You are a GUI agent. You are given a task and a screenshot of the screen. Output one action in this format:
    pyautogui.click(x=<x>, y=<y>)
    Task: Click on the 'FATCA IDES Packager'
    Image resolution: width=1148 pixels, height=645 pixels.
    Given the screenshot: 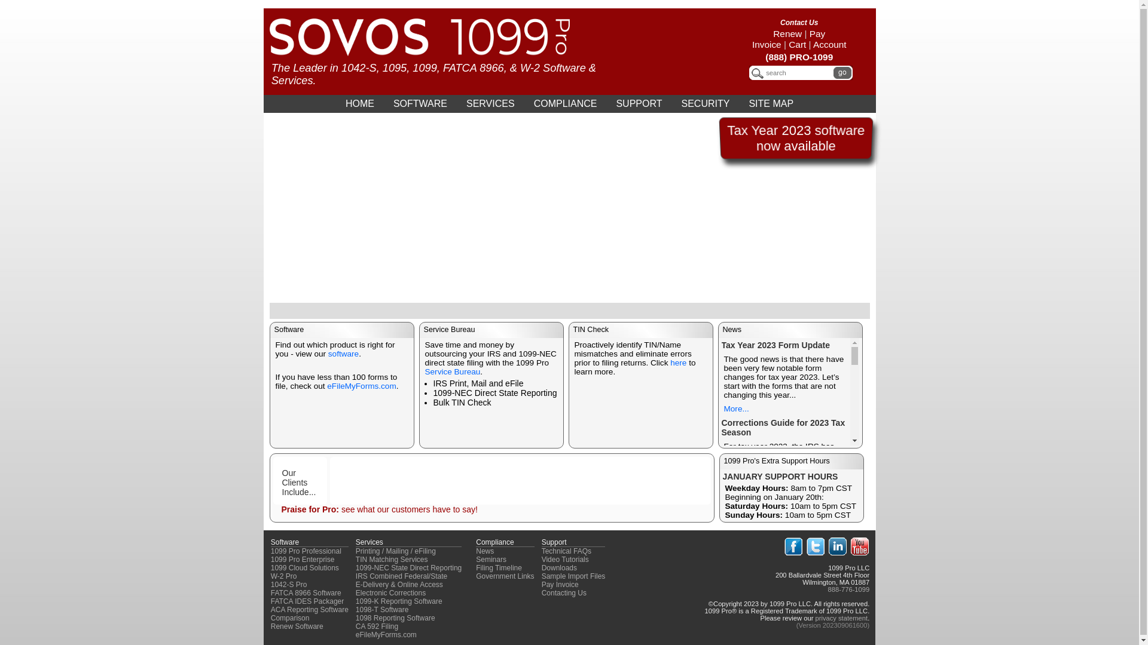 What is the action you would take?
    pyautogui.click(x=307, y=601)
    